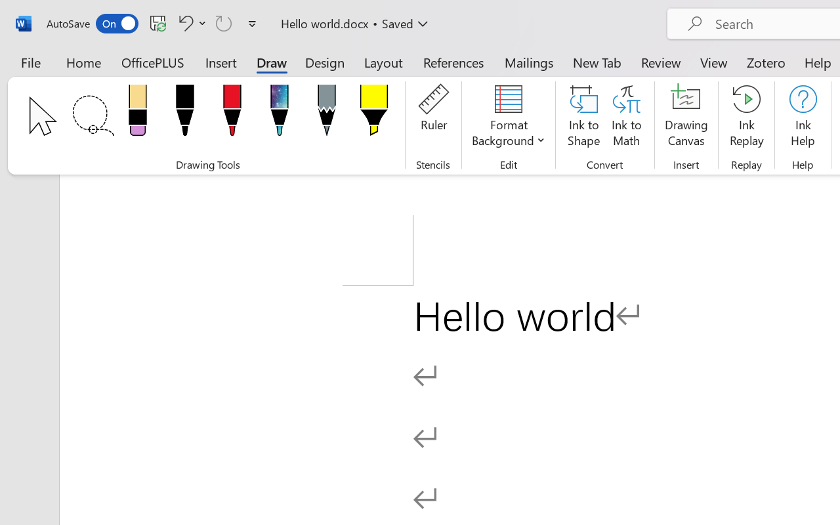 This screenshot has width=840, height=525. I want to click on 'Ink Help', so click(802, 117).